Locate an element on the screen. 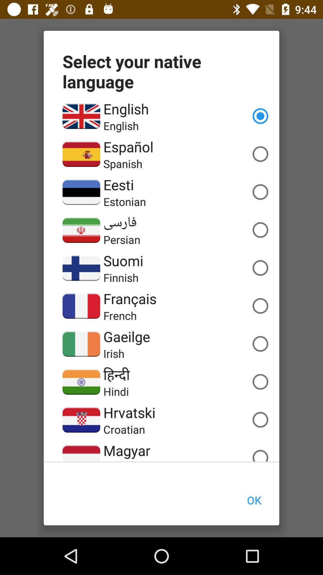 The width and height of the screenshot is (323, 575). the croatian is located at coordinates (124, 429).